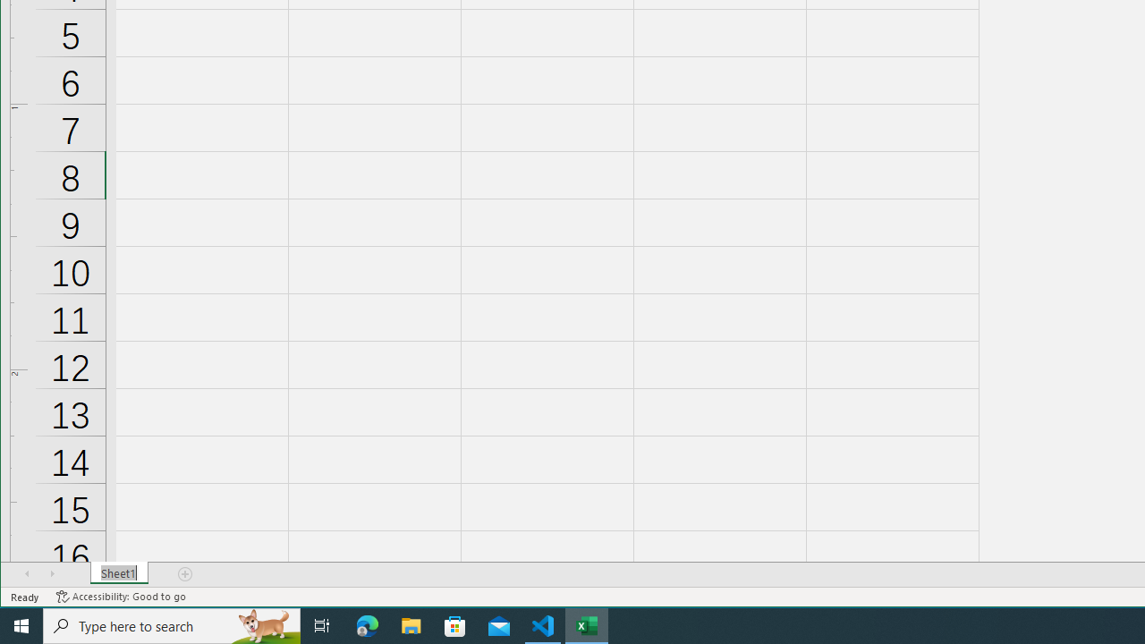 The width and height of the screenshot is (1145, 644). I want to click on 'Excel - 1 running window', so click(587, 624).